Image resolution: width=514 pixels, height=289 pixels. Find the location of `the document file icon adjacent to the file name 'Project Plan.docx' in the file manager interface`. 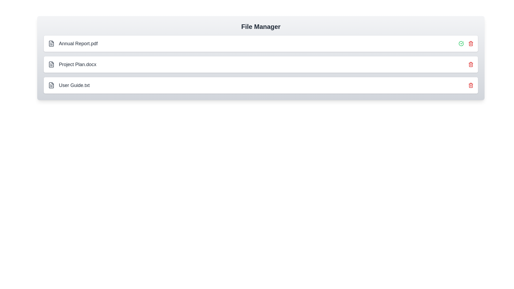

the document file icon adjacent to the file name 'Project Plan.docx' in the file manager interface is located at coordinates (51, 64).